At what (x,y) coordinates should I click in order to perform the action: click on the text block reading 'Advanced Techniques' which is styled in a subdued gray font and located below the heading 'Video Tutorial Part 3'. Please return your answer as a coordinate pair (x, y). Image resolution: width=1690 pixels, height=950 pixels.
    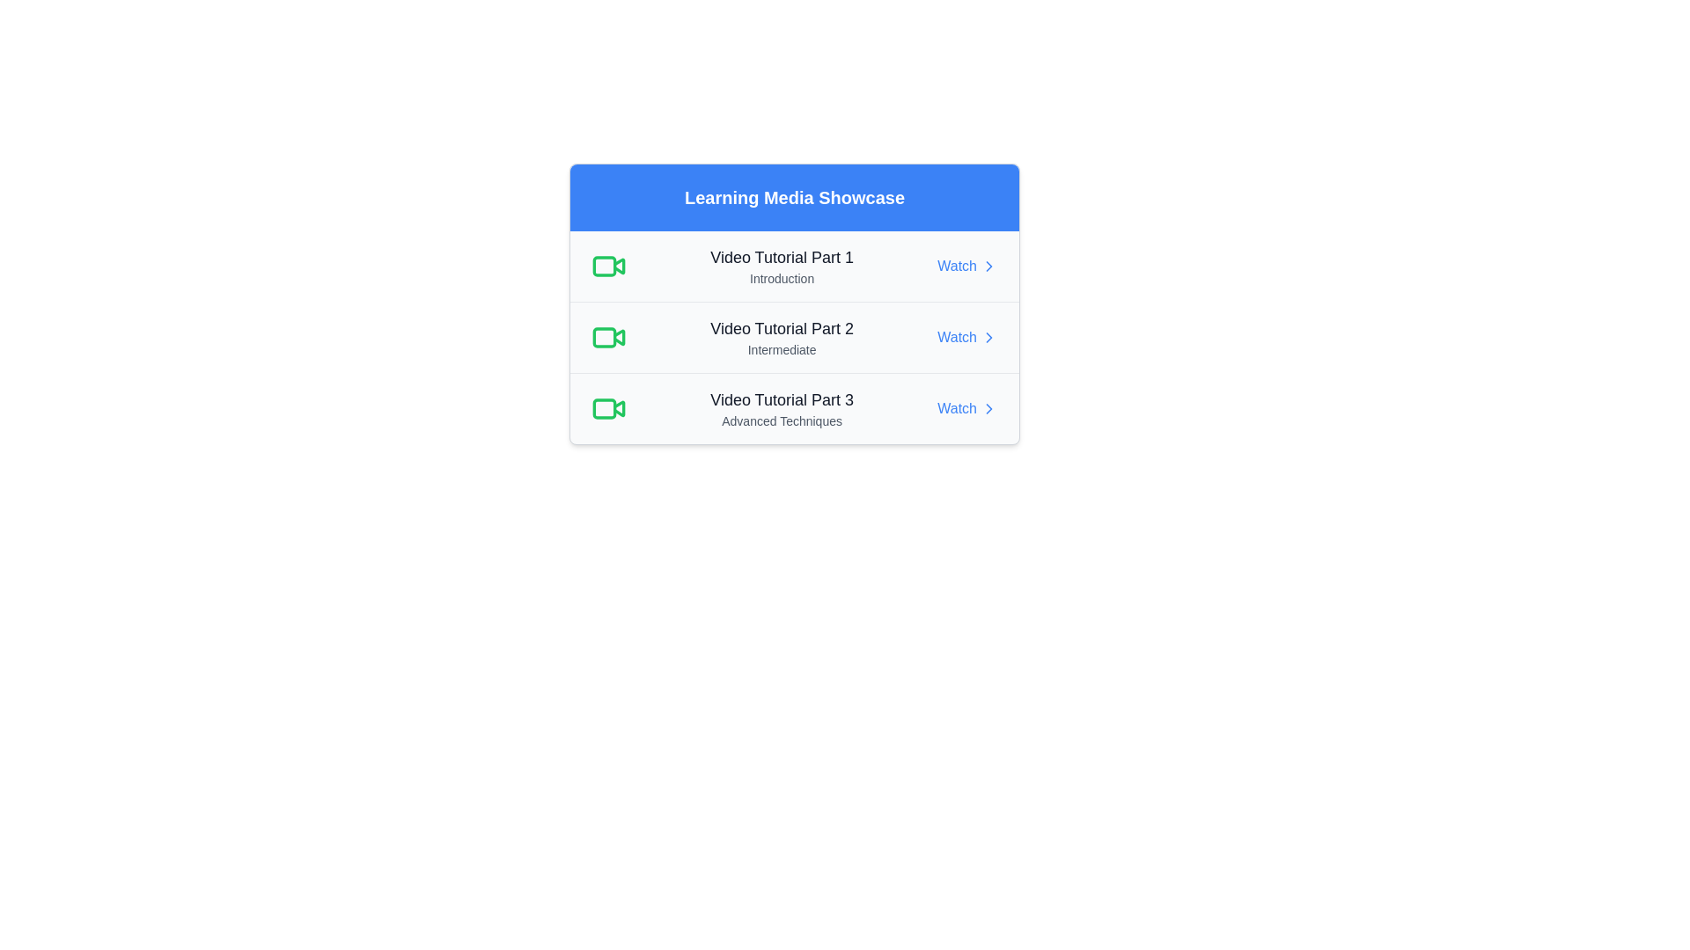
    Looking at the image, I should click on (781, 420).